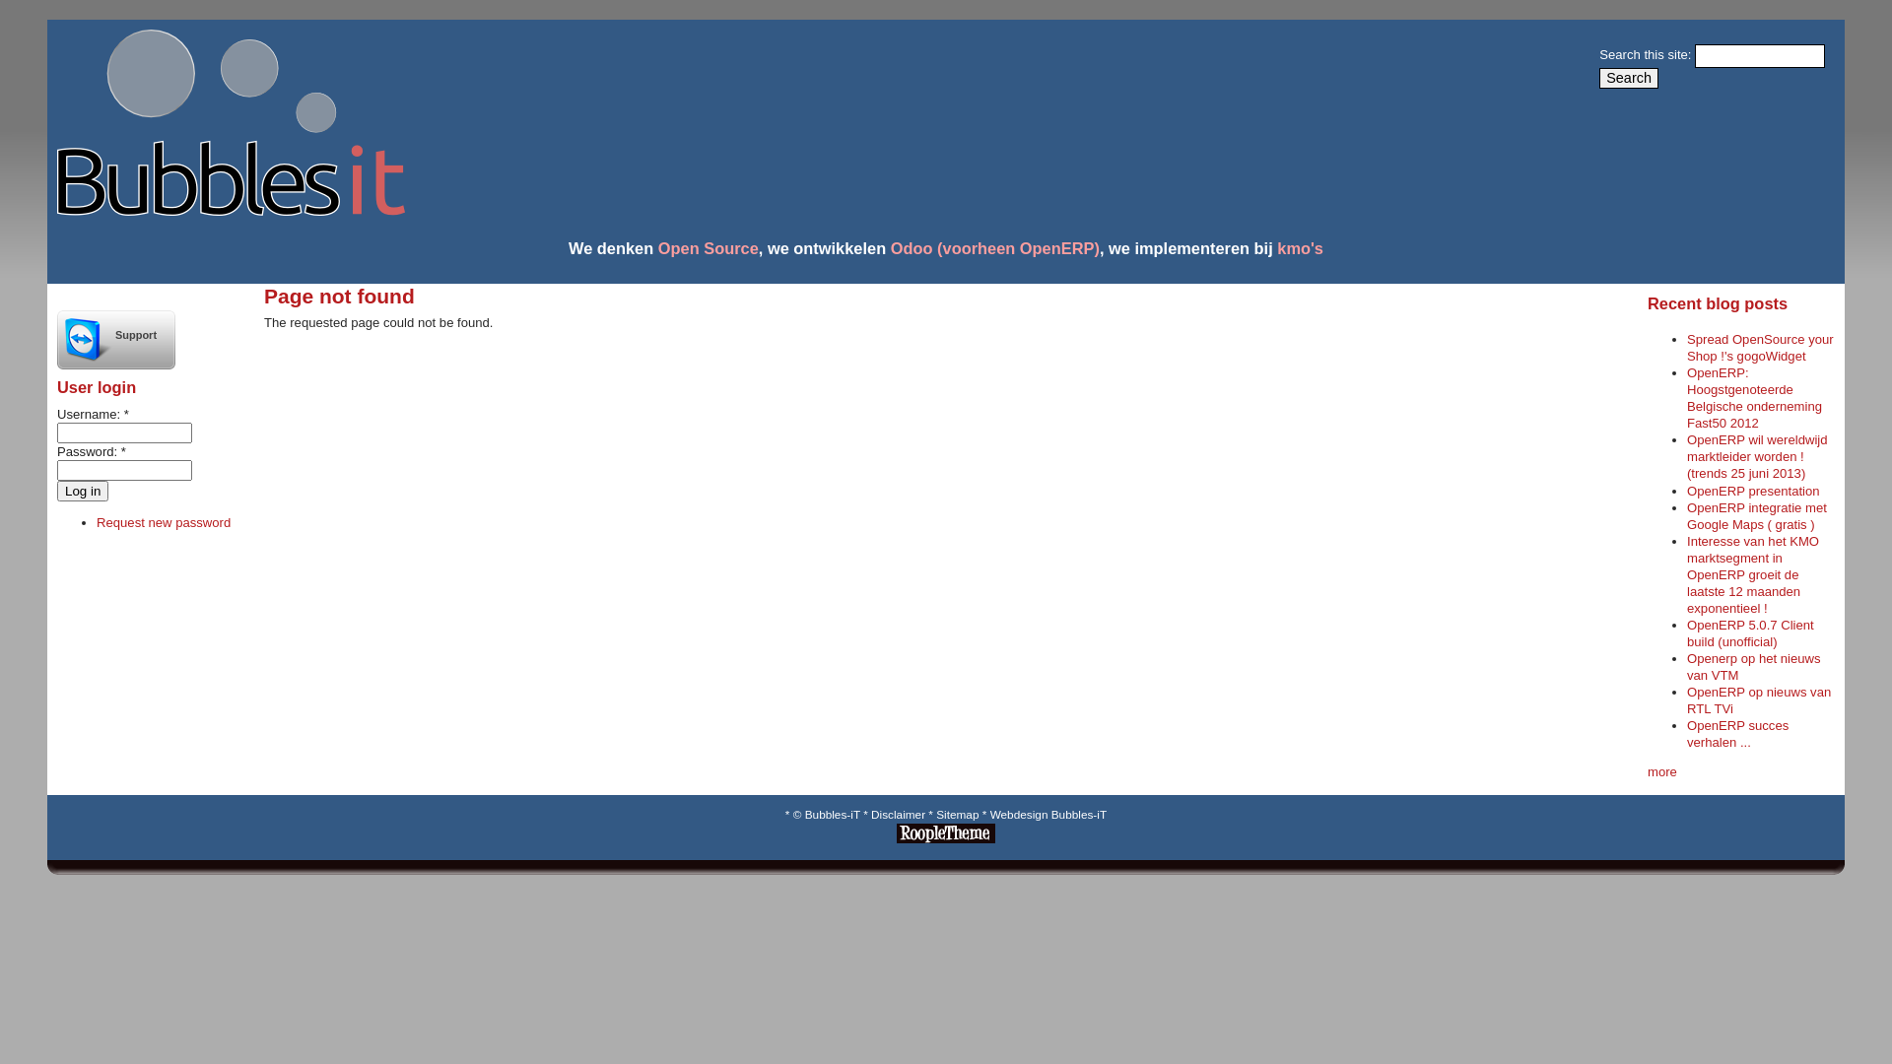 This screenshot has width=1892, height=1064. Describe the element at coordinates (1754, 398) in the screenshot. I see `'OpenERP: Hoogstgenoteerde Belgische onderneming Fast50 2012'` at that location.